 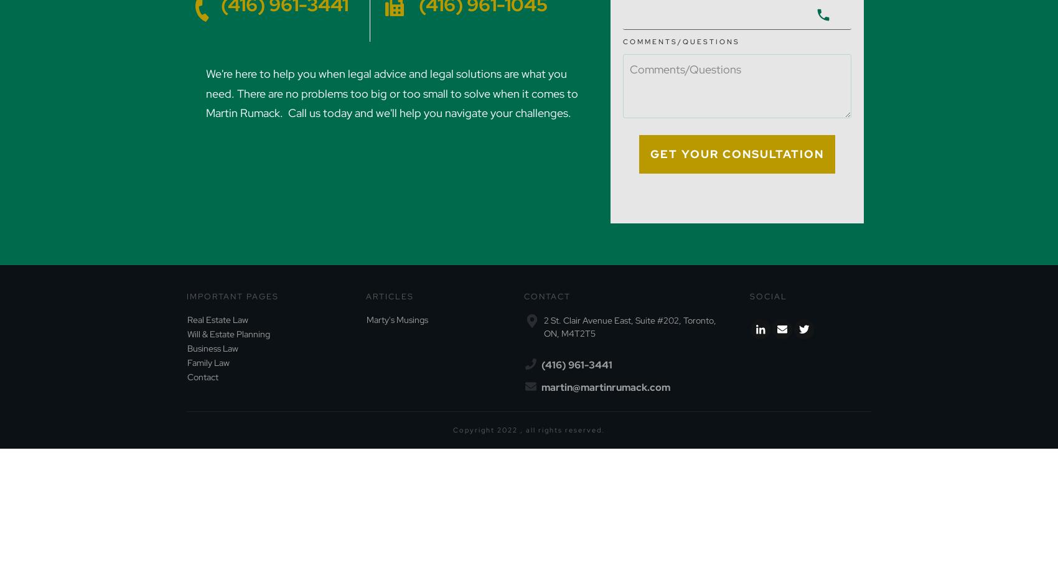 What do you see at coordinates (212, 348) in the screenshot?
I see `'Business Law'` at bounding box center [212, 348].